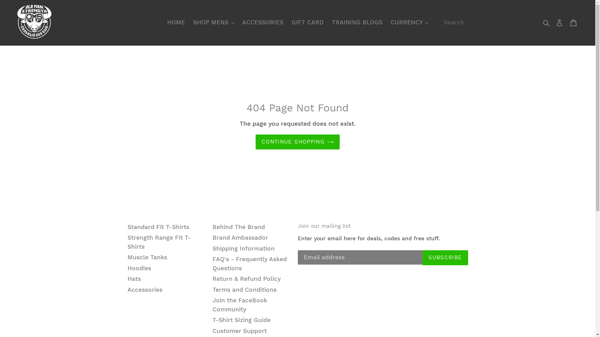  What do you see at coordinates (422, 257) in the screenshot?
I see `'SUBSCRIBE'` at bounding box center [422, 257].